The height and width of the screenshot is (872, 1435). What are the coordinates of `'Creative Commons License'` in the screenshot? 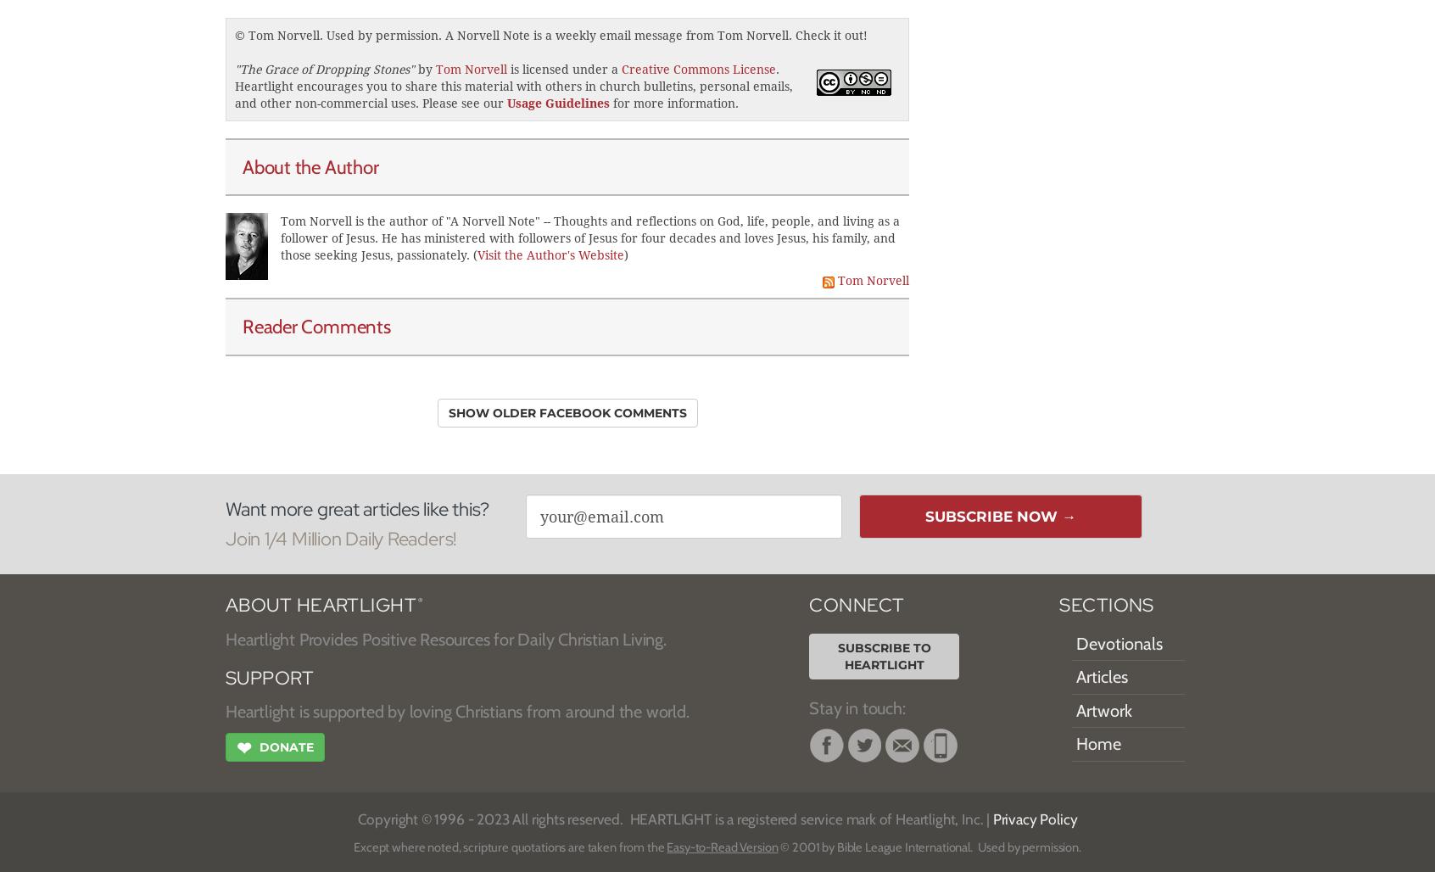 It's located at (699, 68).